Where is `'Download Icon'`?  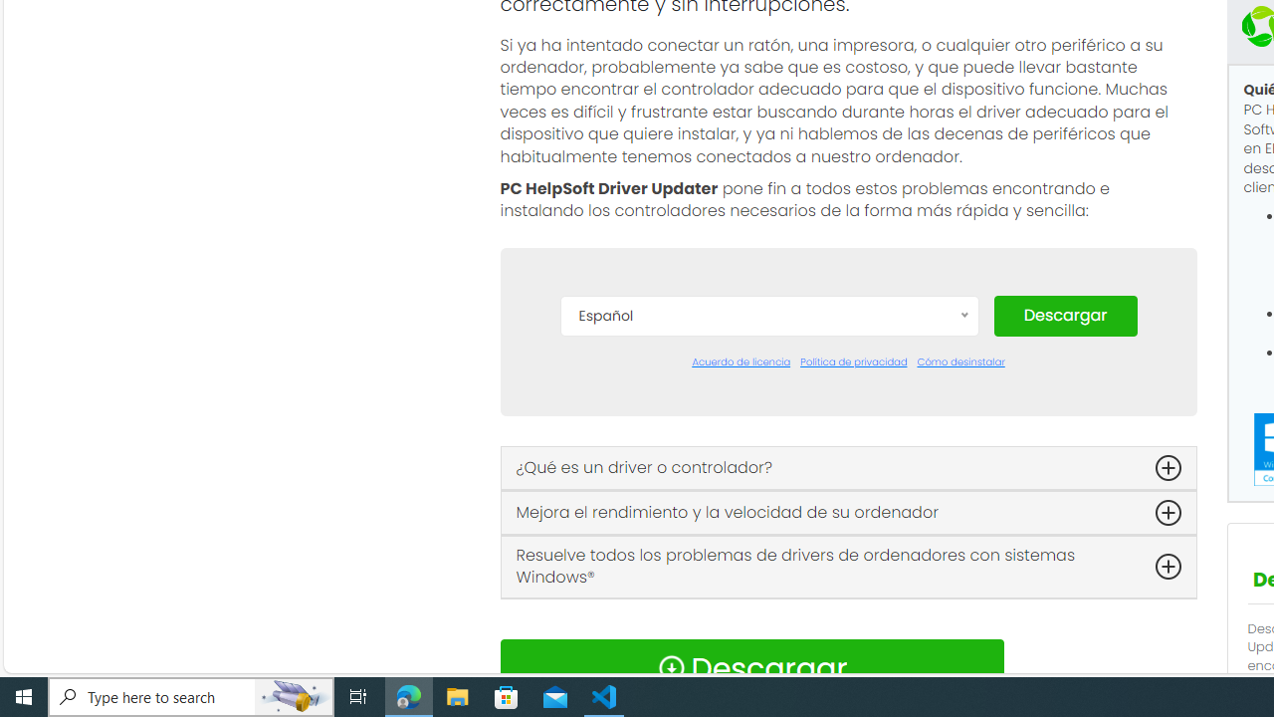
'Download Icon' is located at coordinates (671, 668).